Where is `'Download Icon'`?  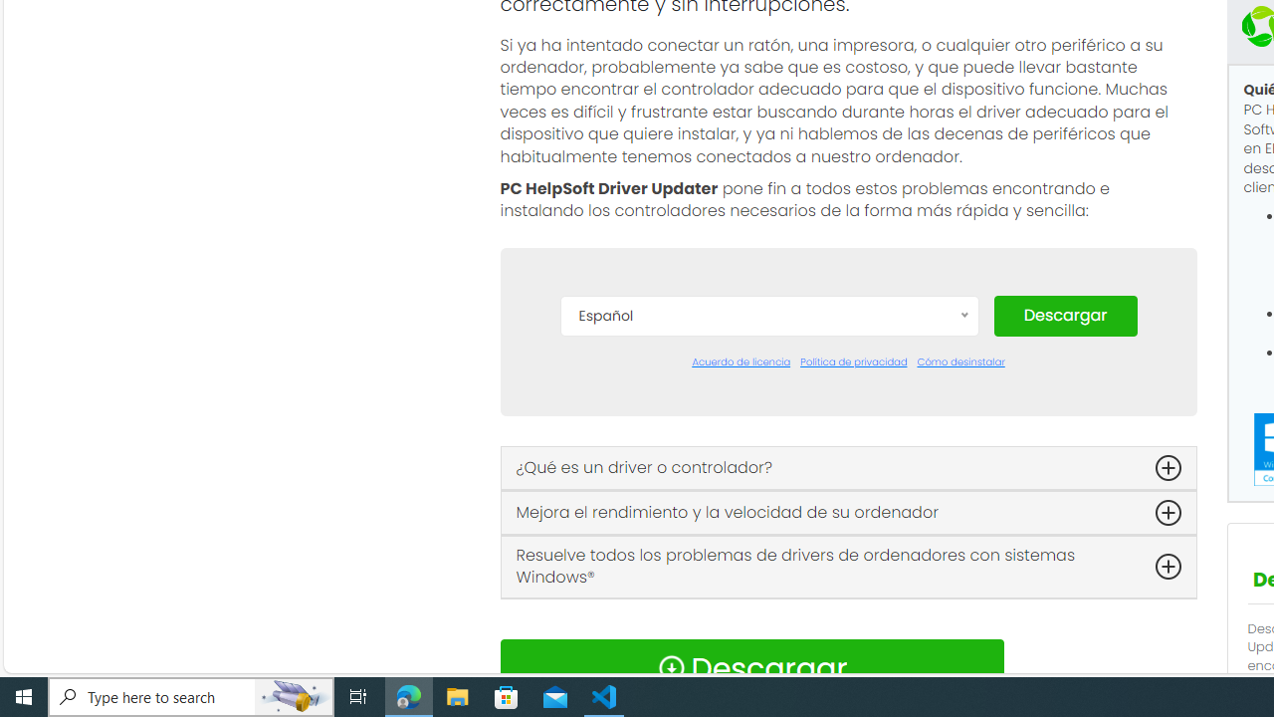
'Download Icon' is located at coordinates (671, 668).